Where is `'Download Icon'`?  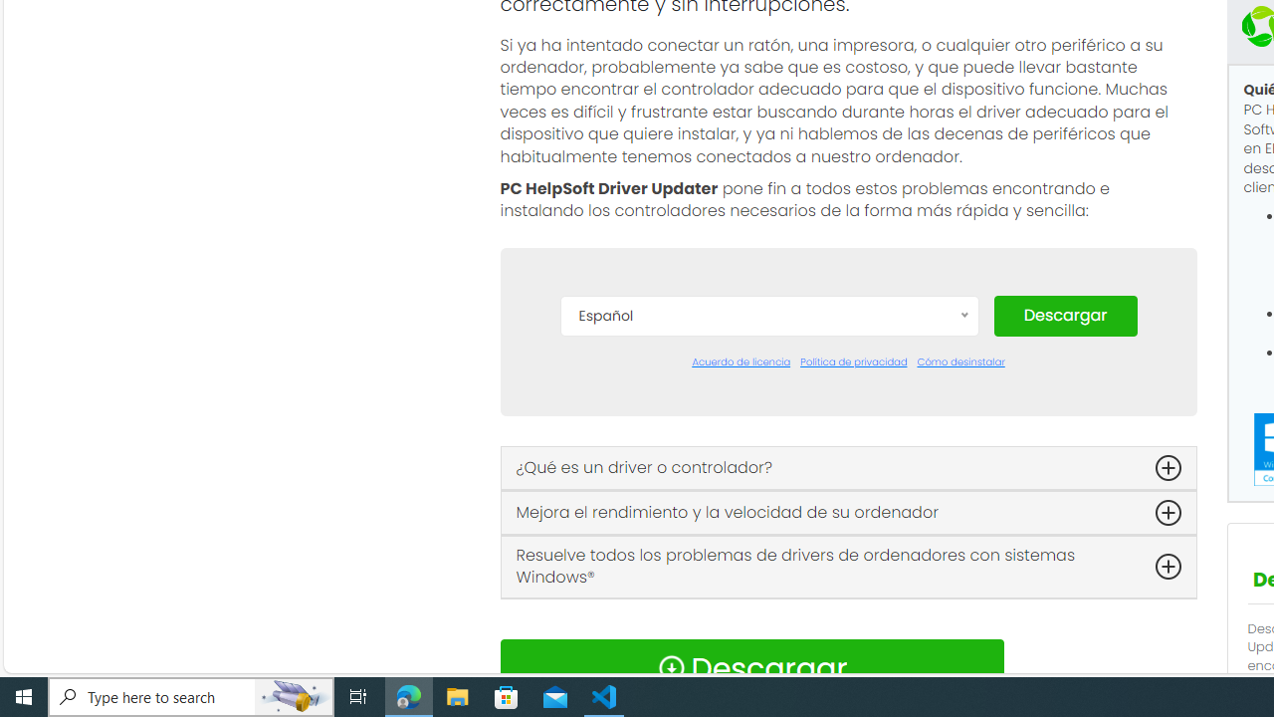
'Download Icon' is located at coordinates (671, 668).